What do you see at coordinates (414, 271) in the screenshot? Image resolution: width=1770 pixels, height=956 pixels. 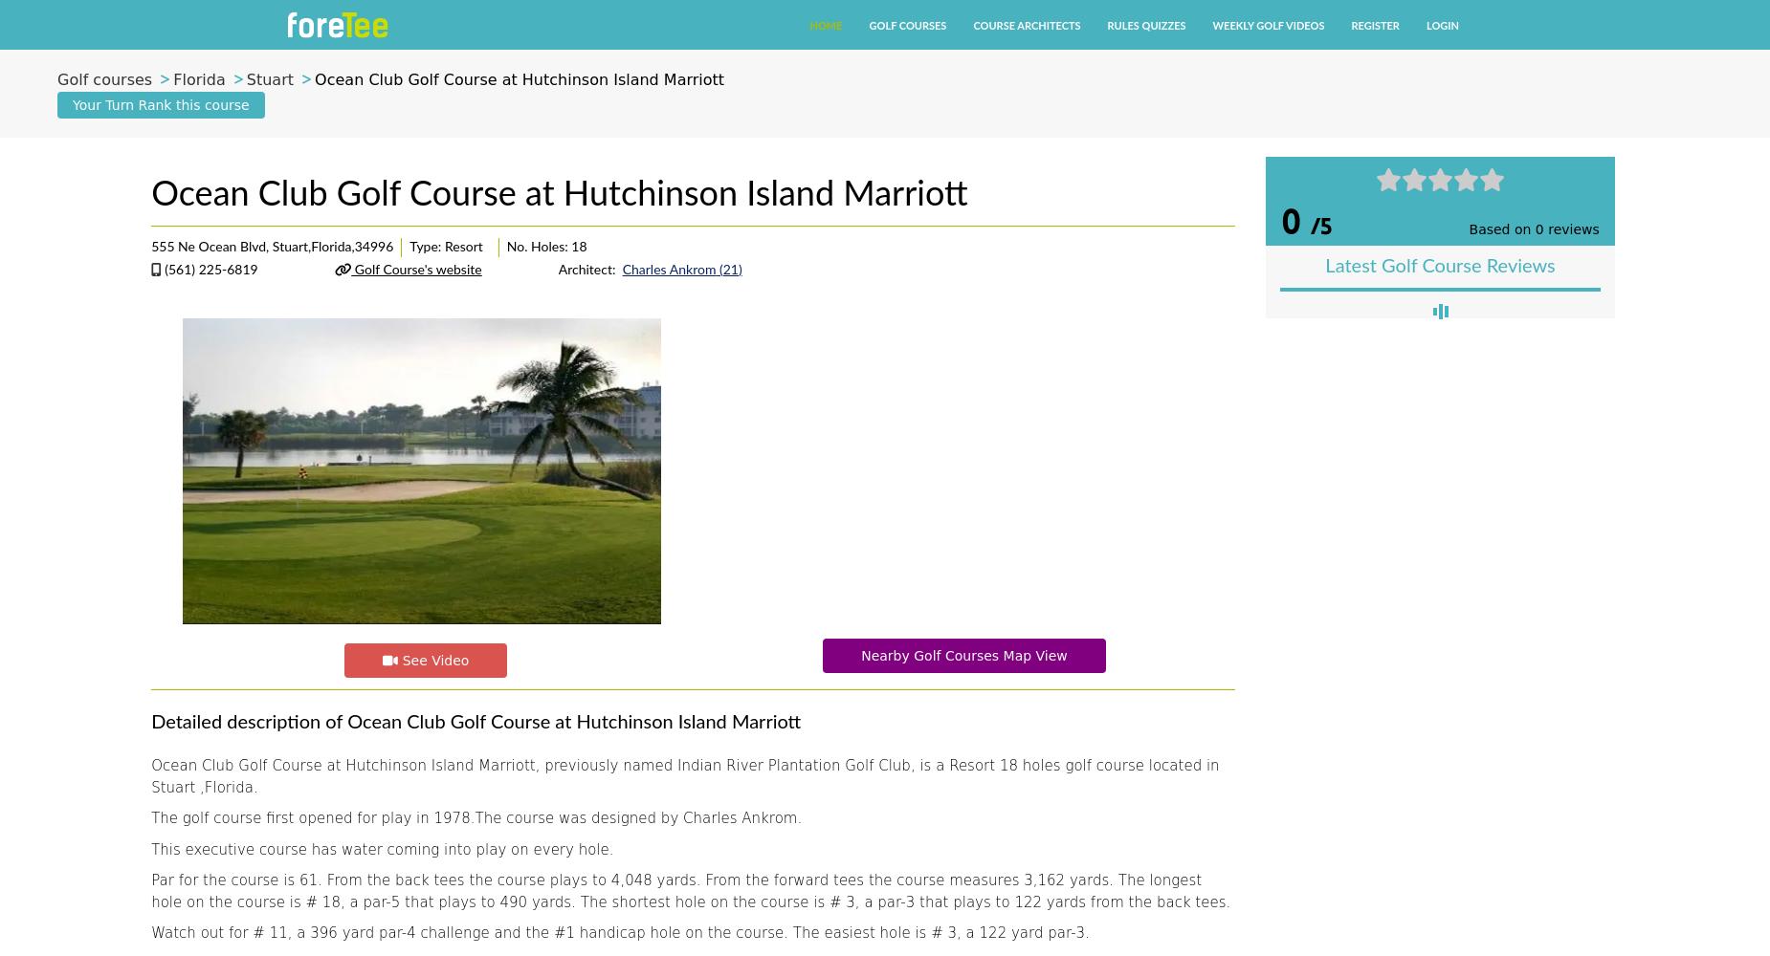 I see `'Golf Course's website'` at bounding box center [414, 271].